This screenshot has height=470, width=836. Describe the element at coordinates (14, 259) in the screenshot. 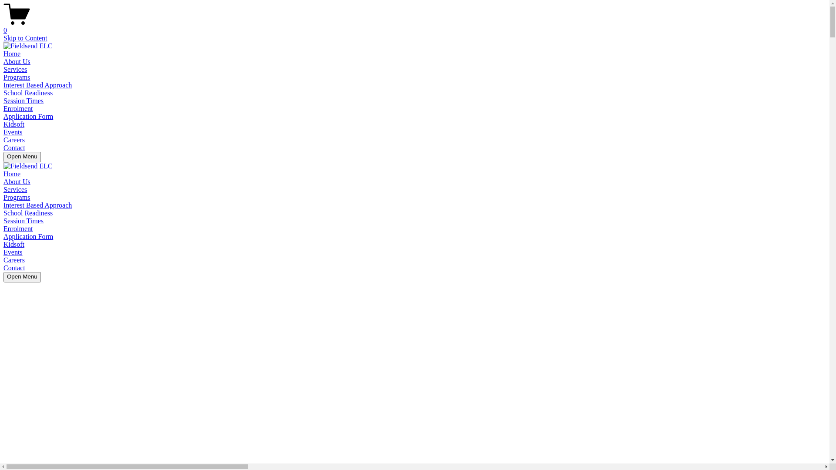

I see `'Careers'` at that location.